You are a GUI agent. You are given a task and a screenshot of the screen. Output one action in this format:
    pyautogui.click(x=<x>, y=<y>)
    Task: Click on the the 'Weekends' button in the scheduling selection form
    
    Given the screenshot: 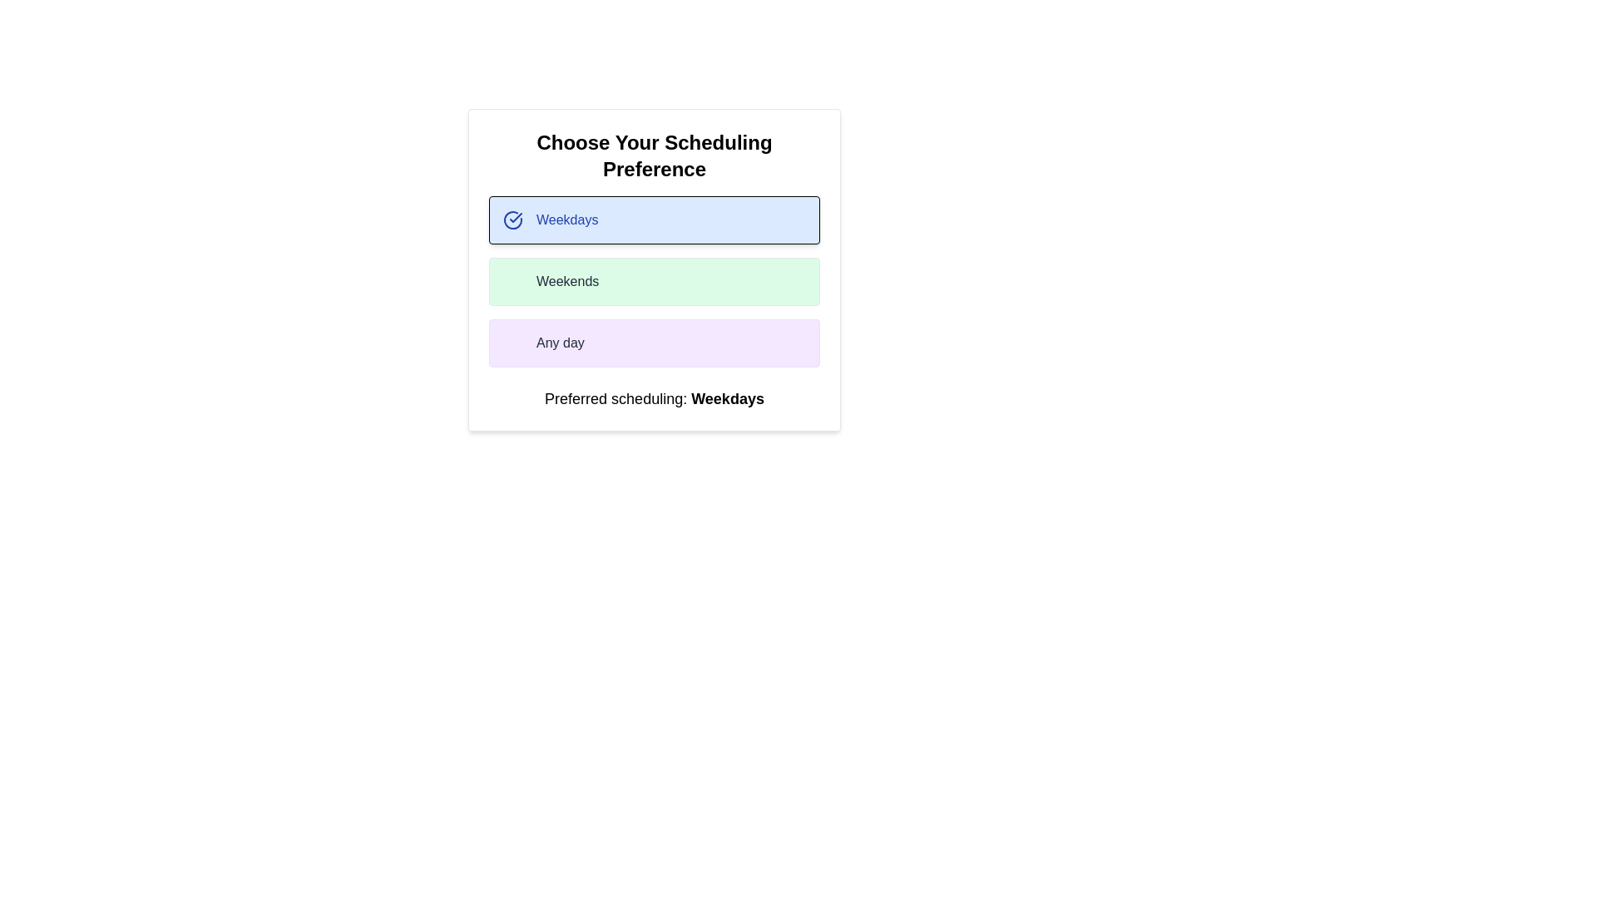 What is the action you would take?
    pyautogui.click(x=654, y=281)
    